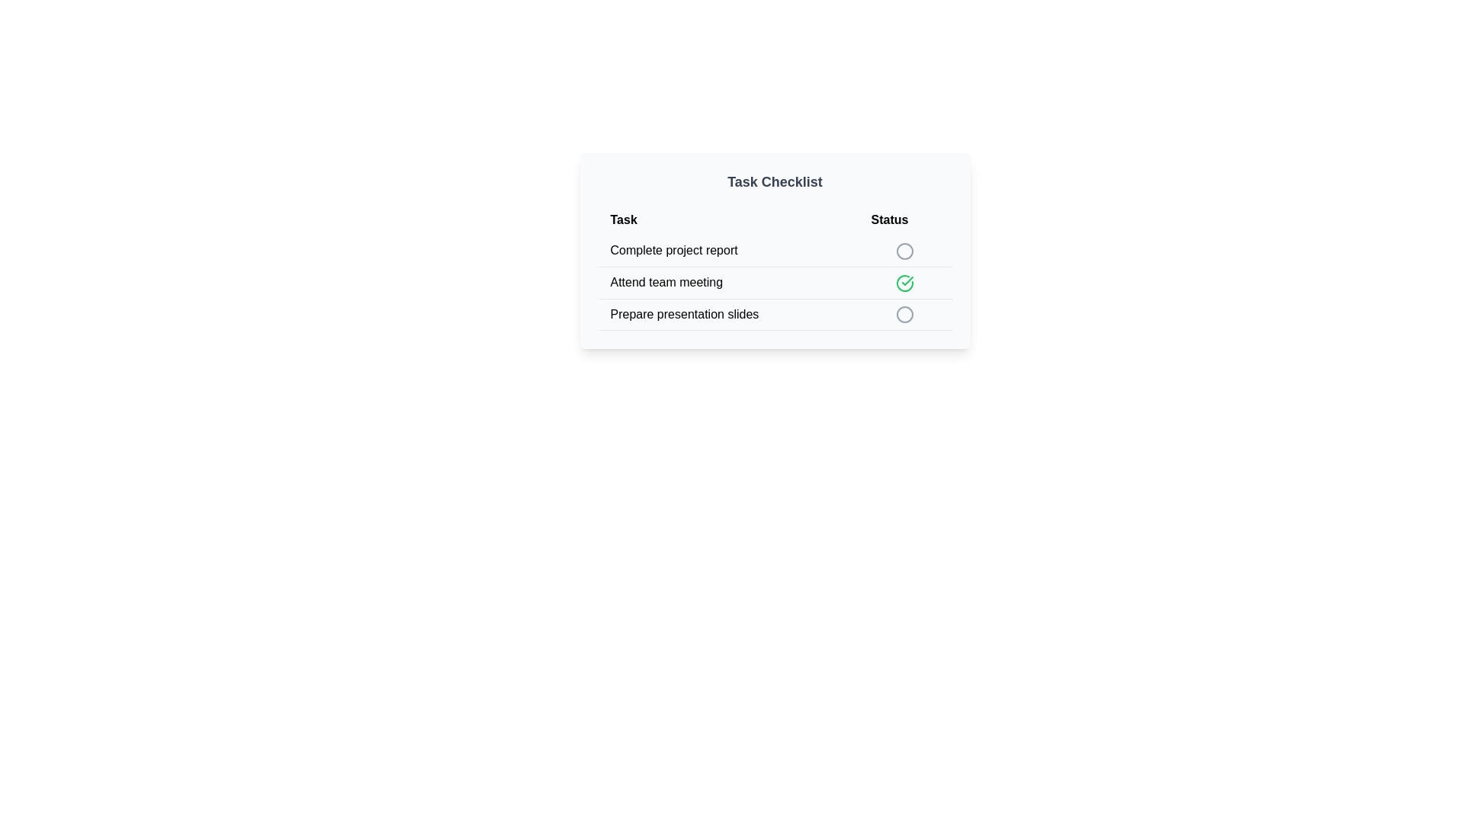  Describe the element at coordinates (905, 314) in the screenshot. I see `the circular gray outlined icon in the 'Status' column next to 'Prepare presentation slides' in the checklist interface` at that location.